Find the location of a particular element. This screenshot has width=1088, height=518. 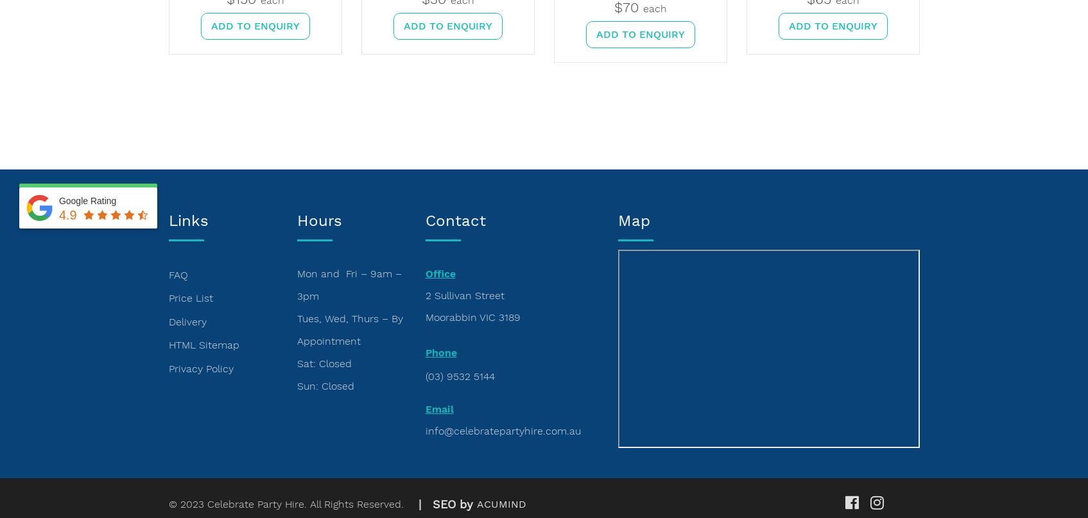

'ACUMIND' is located at coordinates (500, 503).